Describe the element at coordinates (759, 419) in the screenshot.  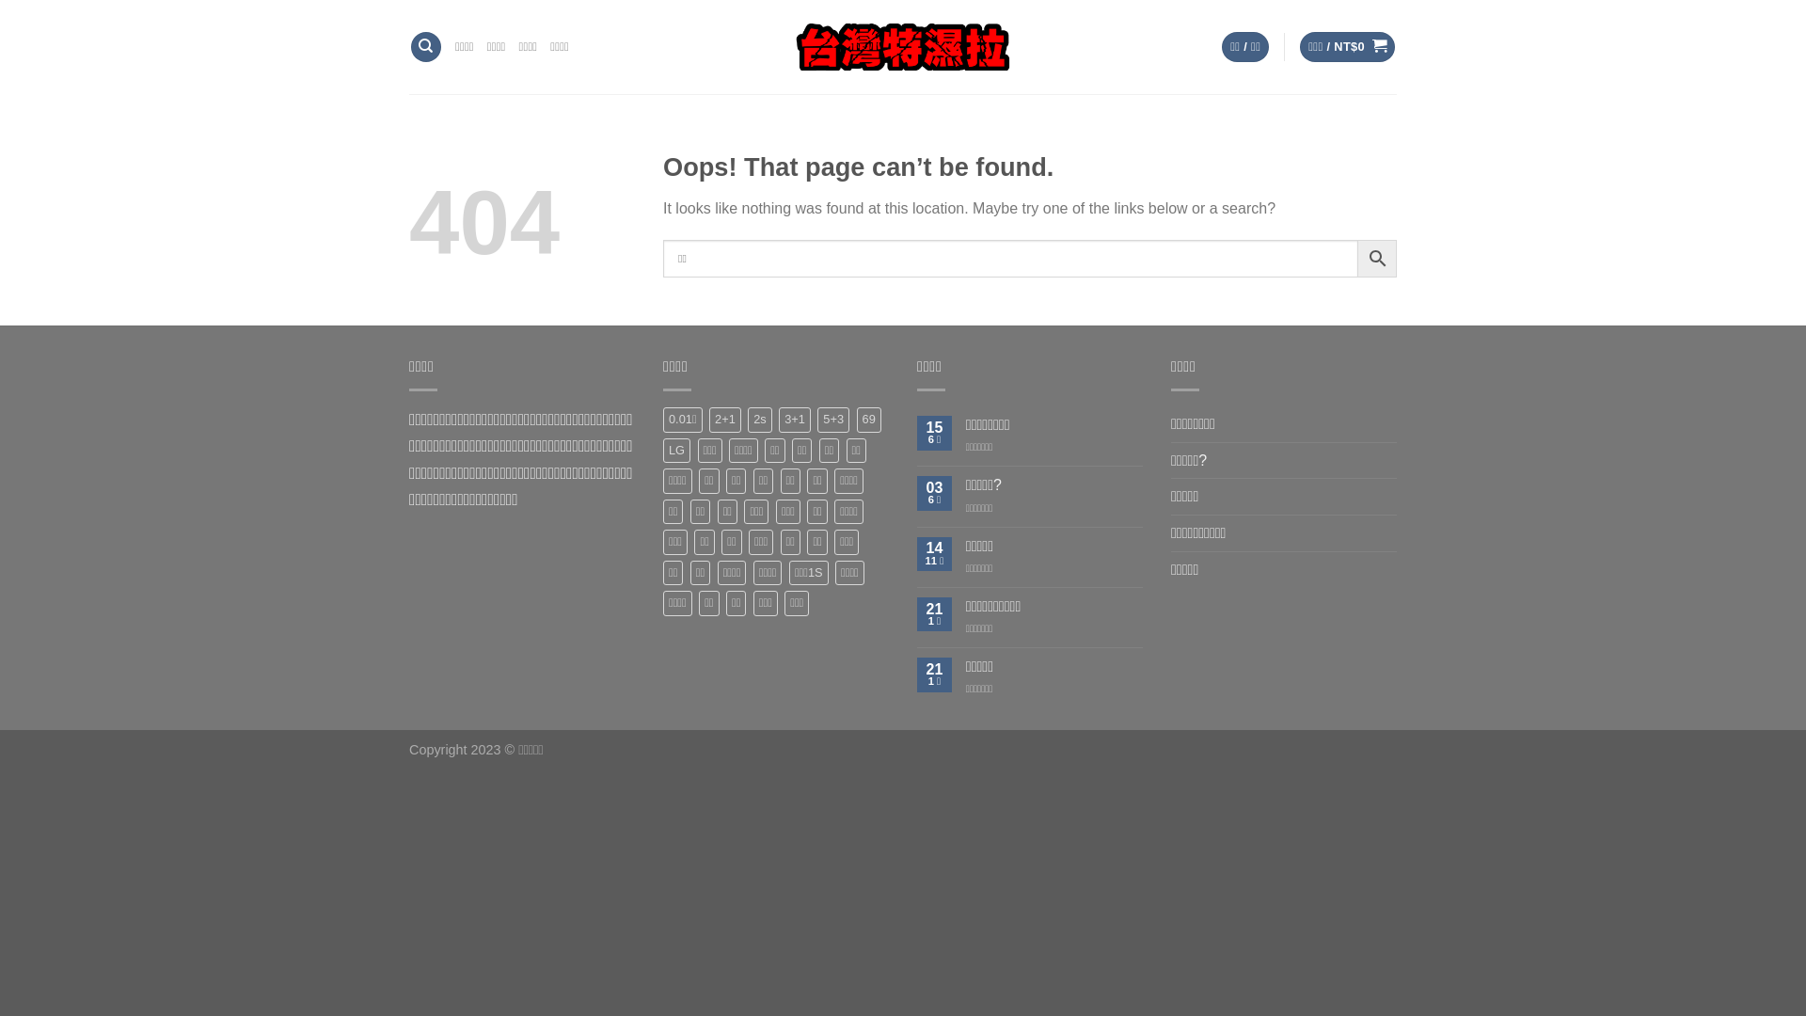
I see `'2s'` at that location.